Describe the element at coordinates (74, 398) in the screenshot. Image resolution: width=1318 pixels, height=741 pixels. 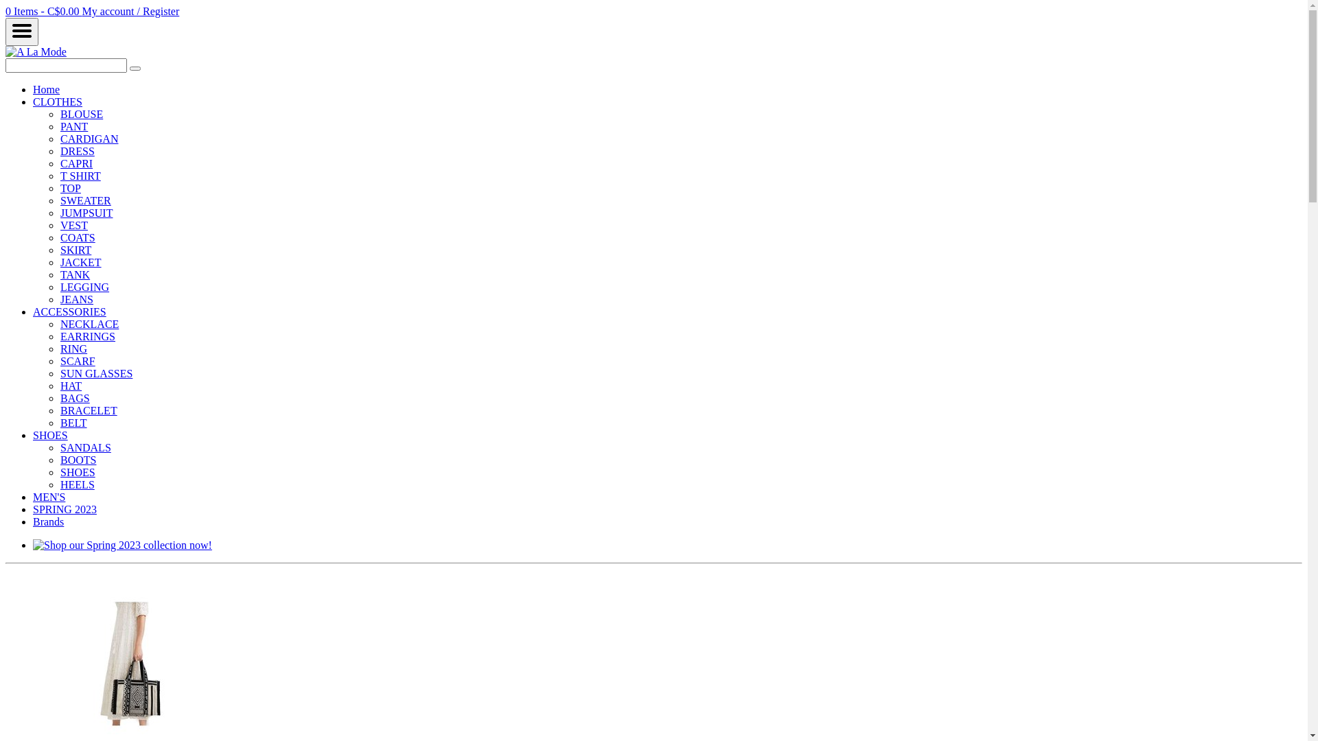
I see `'BAGS'` at that location.